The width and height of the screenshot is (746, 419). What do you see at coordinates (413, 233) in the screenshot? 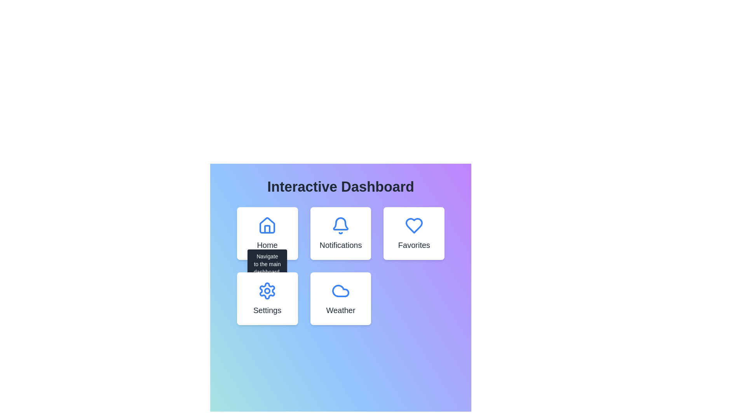
I see `the navigation Button card that leads to the Favorites section, located in the top-right corner of the grid, adjacent to 'Notifications' and above 'Settings'` at bounding box center [413, 233].